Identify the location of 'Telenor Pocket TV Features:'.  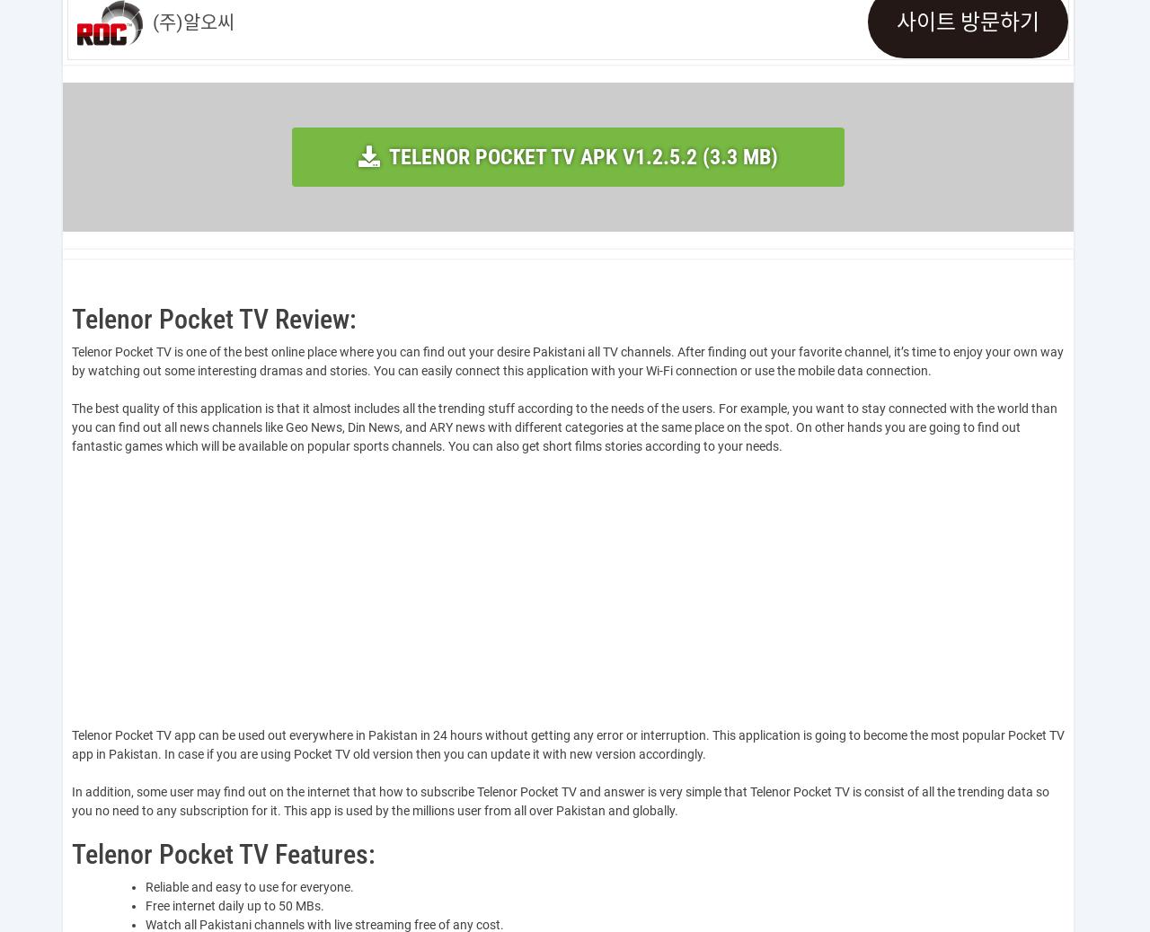
(222, 854).